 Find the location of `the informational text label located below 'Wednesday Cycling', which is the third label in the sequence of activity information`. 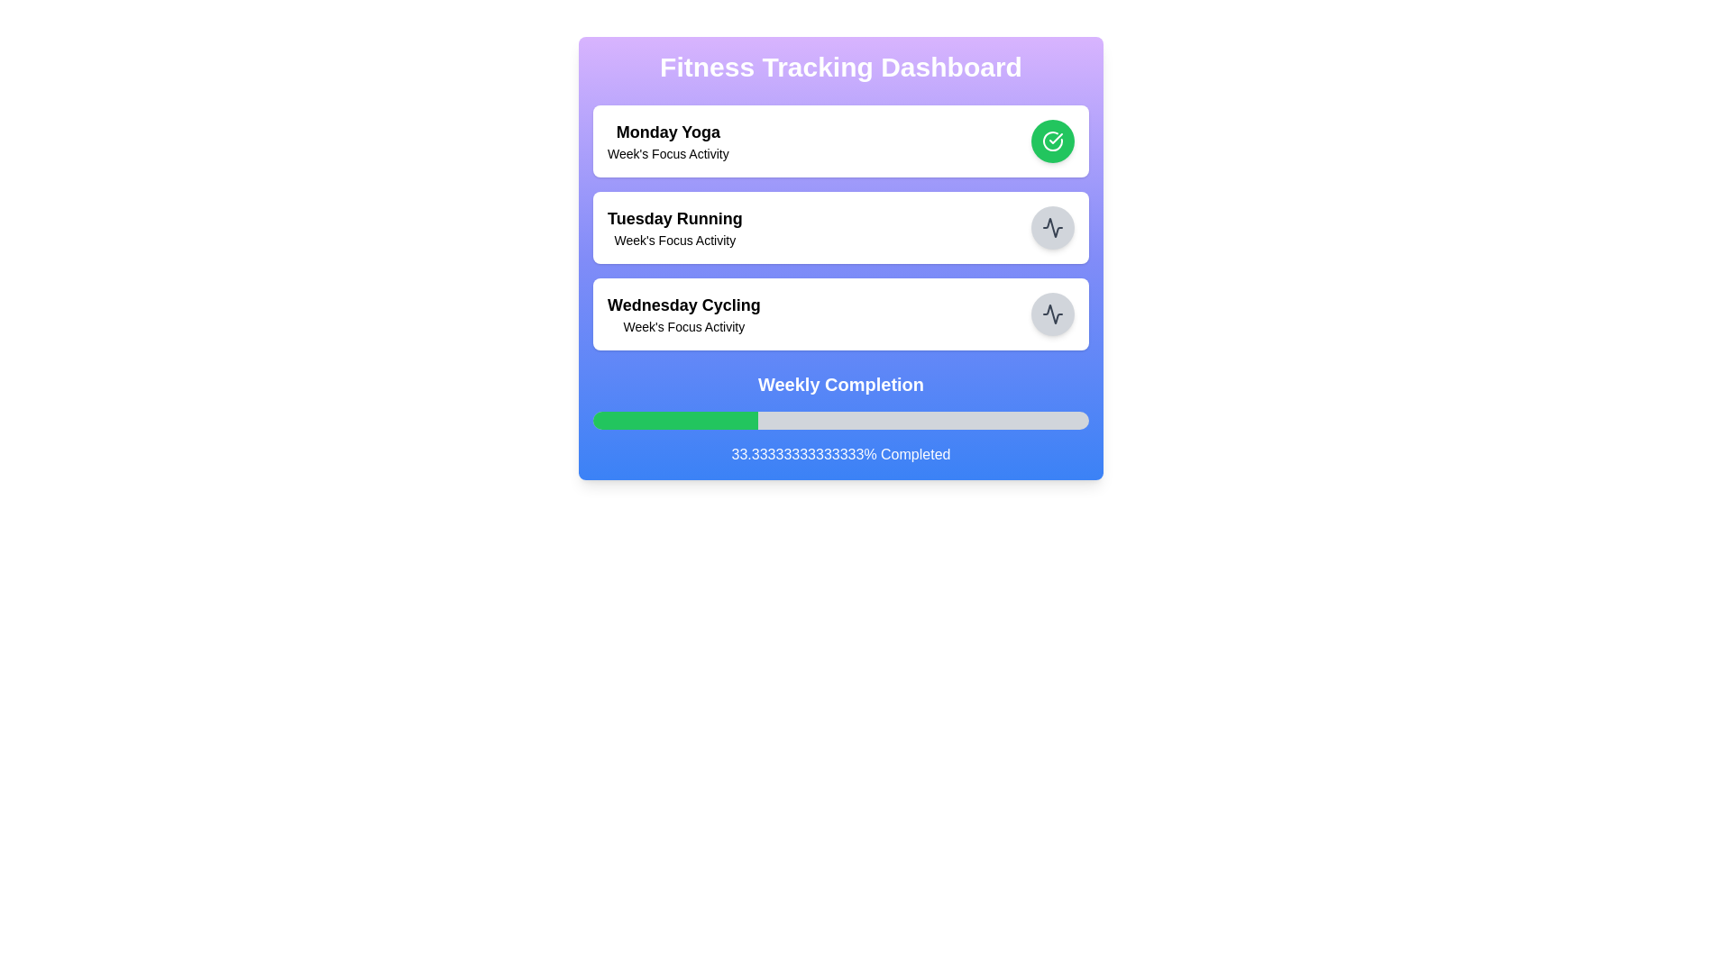

the informational text label located below 'Wednesday Cycling', which is the third label in the sequence of activity information is located at coordinates (682, 326).